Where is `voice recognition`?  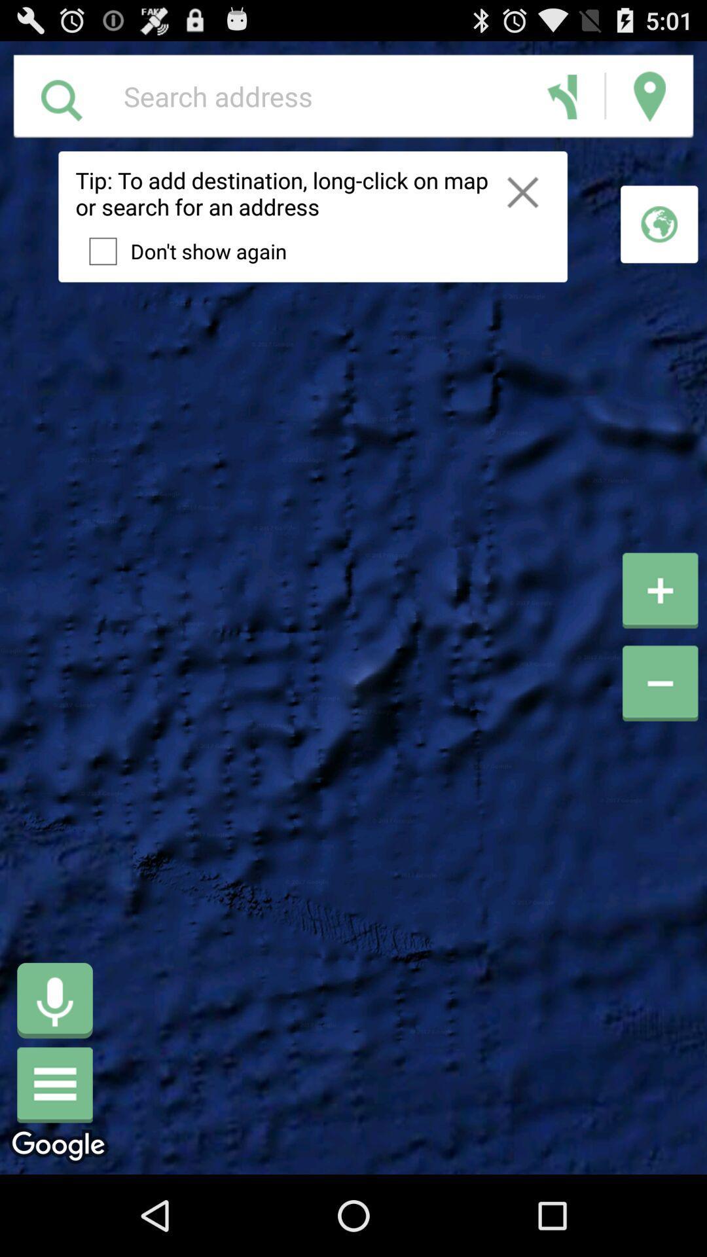
voice recognition is located at coordinates (54, 1000).